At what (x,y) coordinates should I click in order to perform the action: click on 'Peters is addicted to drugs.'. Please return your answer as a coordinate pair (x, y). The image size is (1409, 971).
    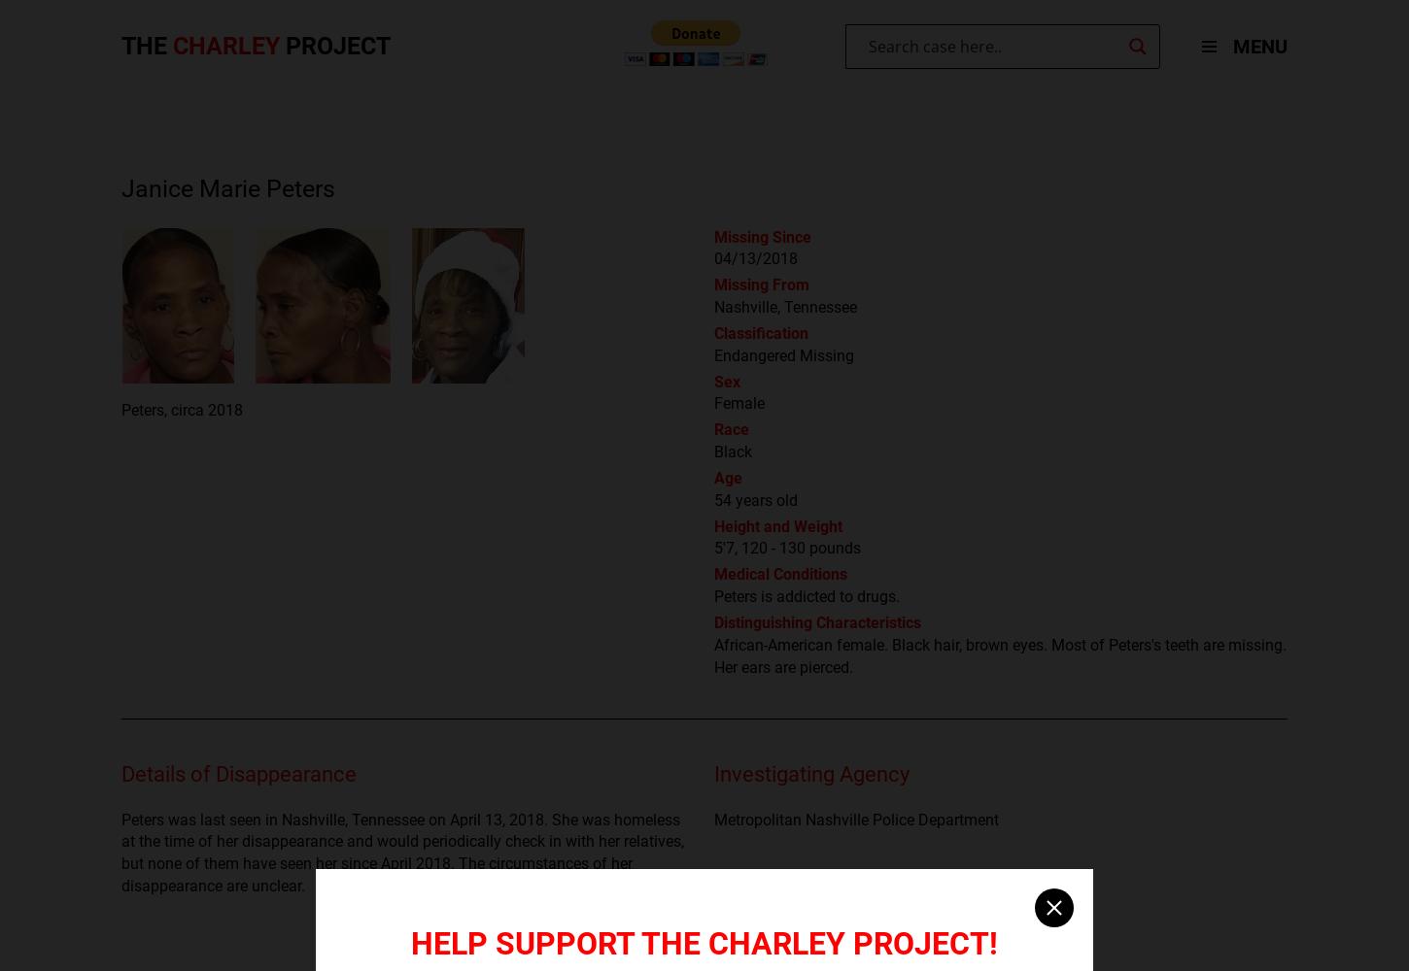
    Looking at the image, I should click on (714, 595).